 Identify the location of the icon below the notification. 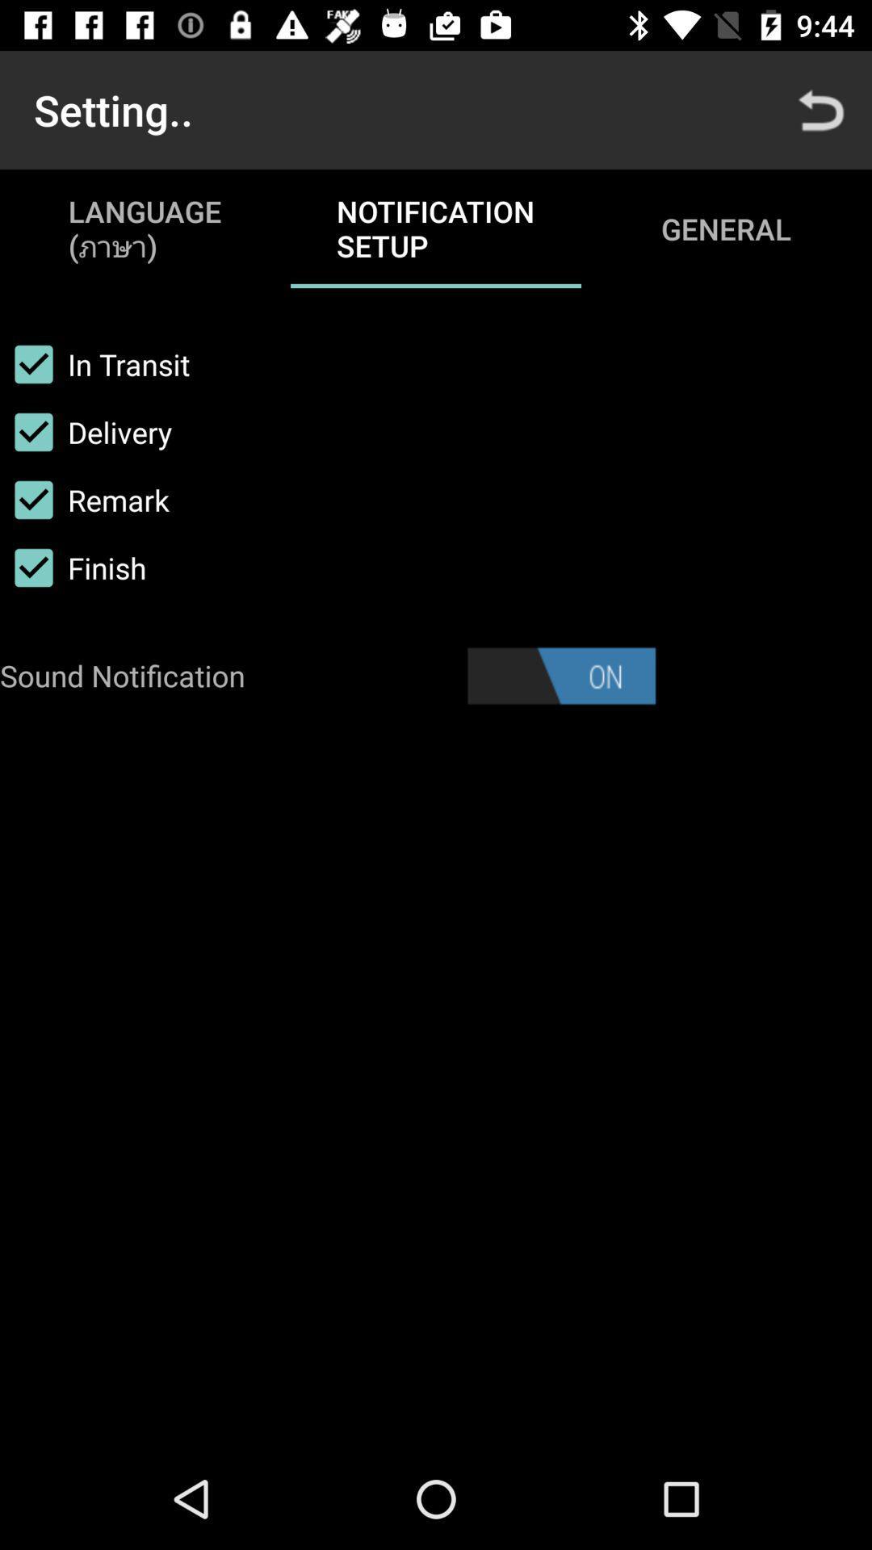
(560, 676).